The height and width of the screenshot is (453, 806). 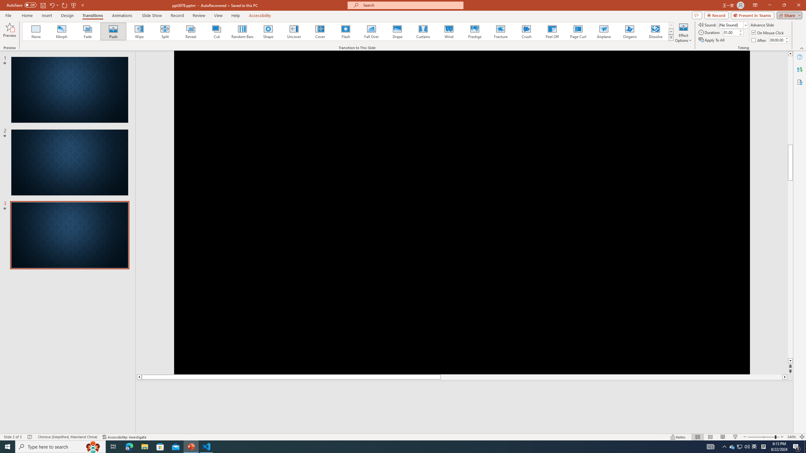 What do you see at coordinates (786, 38) in the screenshot?
I see `'More'` at bounding box center [786, 38].